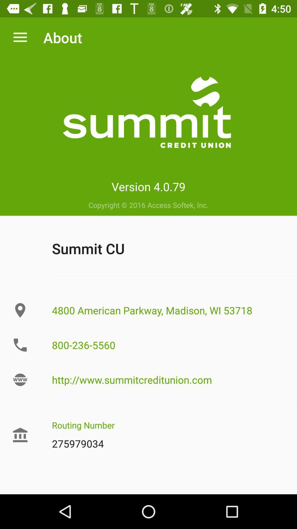  Describe the element at coordinates (20, 310) in the screenshot. I see `the location icon` at that location.